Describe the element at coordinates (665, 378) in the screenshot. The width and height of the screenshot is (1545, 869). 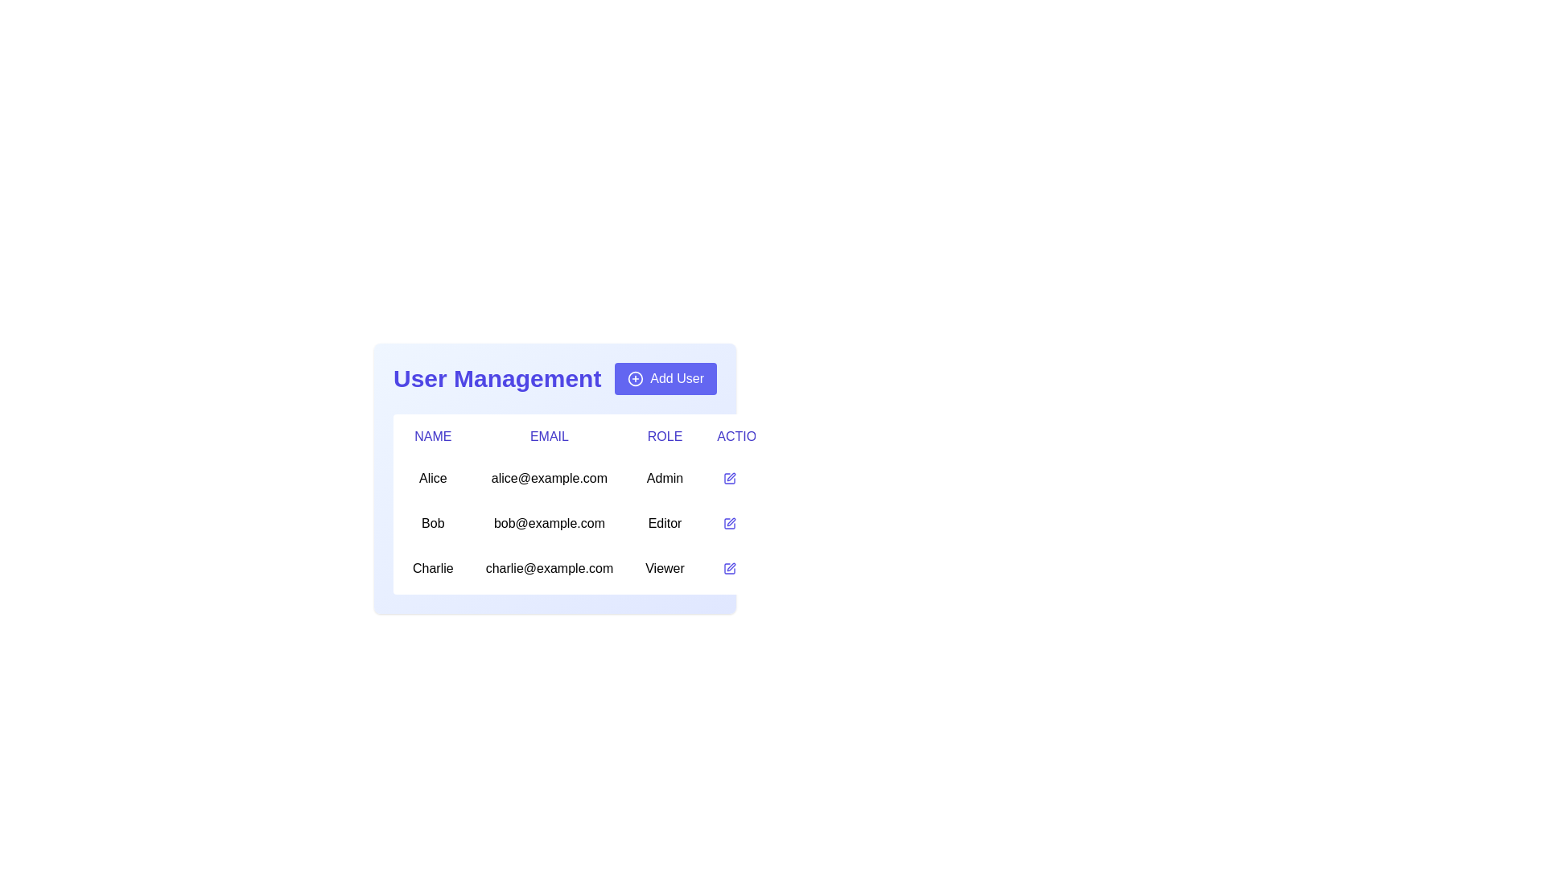
I see `the button used to initiate the process of adding a new user to the system, located to the right side of the 'User Management' text` at that location.